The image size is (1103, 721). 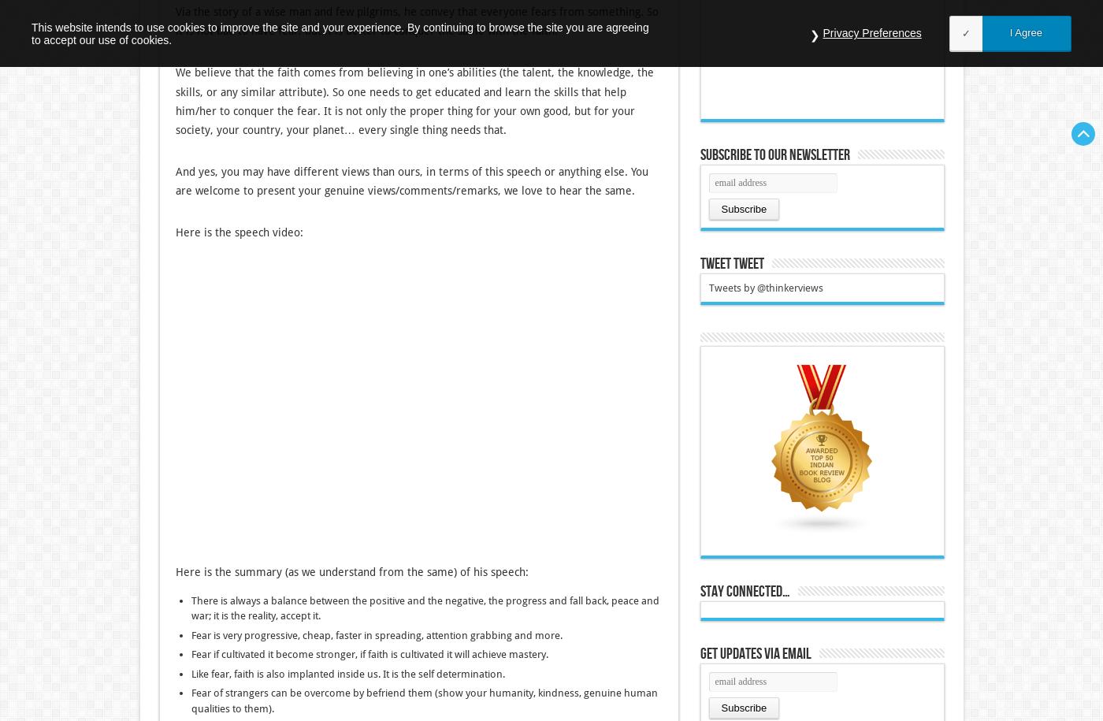 I want to click on 'Get updates via EMail', so click(x=755, y=653).